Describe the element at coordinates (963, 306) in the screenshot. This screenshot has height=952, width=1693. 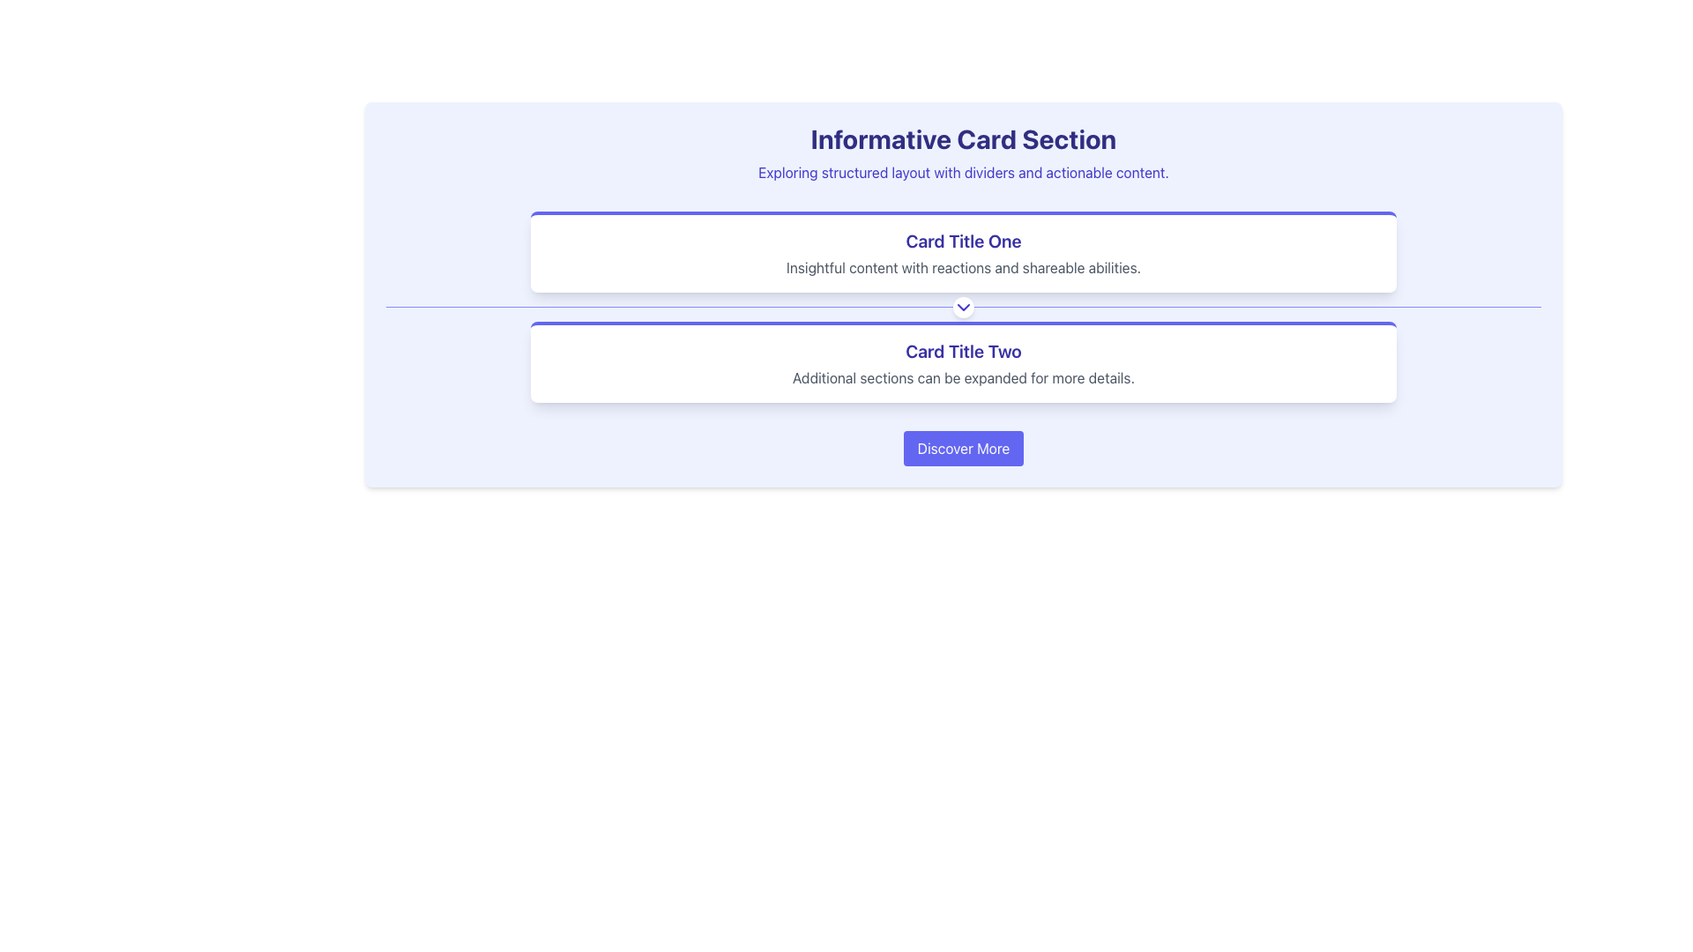
I see `the Decorative Divider element that visually separates the two cards within the section, enhancing readability and structure` at that location.